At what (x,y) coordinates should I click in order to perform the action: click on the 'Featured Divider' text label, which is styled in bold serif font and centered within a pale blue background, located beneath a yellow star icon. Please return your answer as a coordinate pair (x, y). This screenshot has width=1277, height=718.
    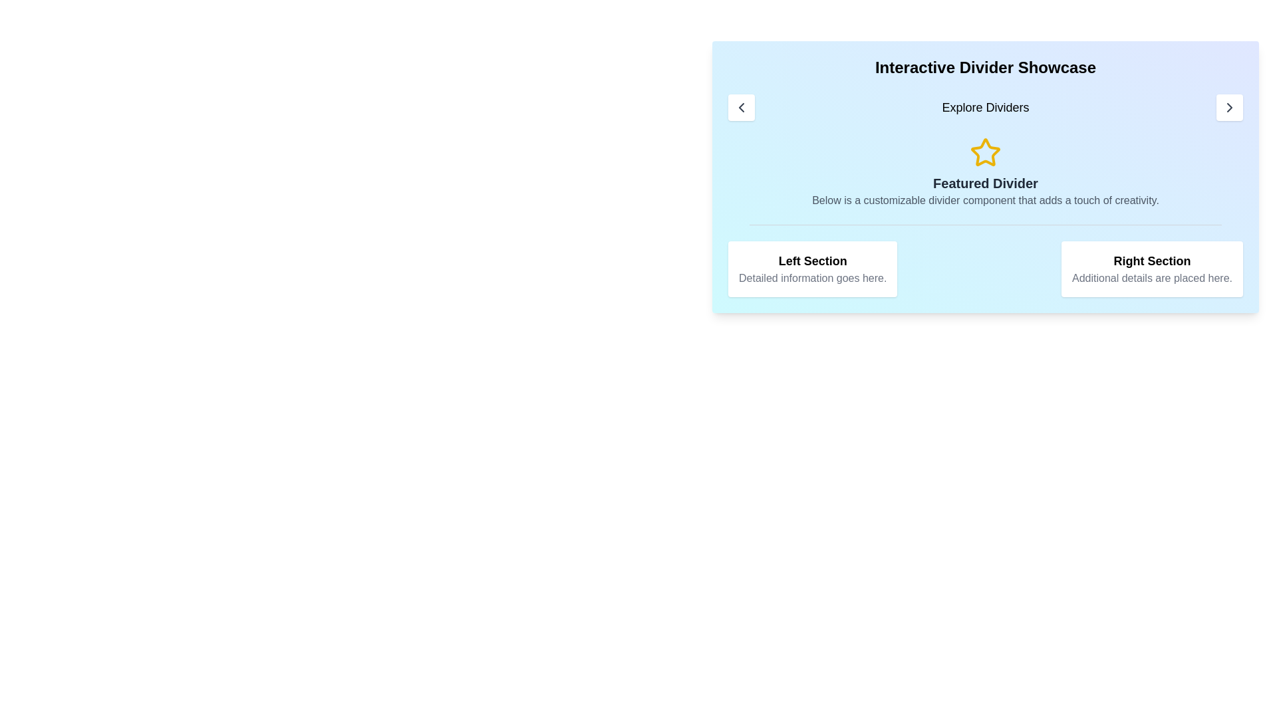
    Looking at the image, I should click on (986, 183).